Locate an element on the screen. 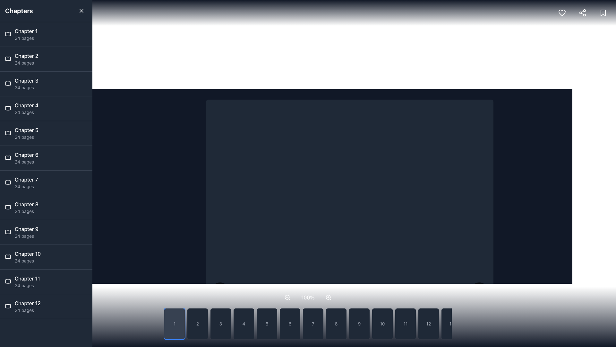  static text label that displays '24 pages', located just below the 'Chapter 3' header in the left-side menu panel is located at coordinates (26, 88).